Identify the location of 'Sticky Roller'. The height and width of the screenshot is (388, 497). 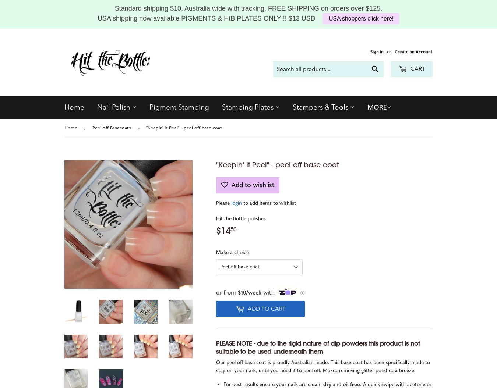
(293, 275).